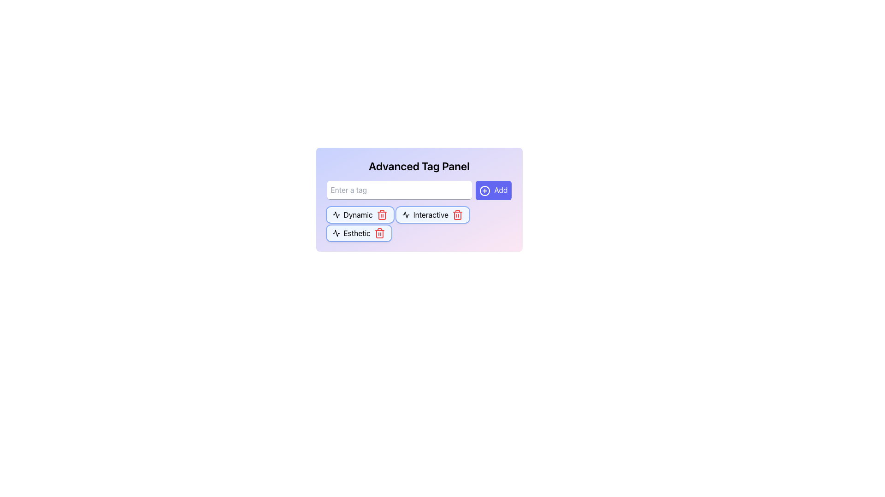 The width and height of the screenshot is (885, 497). Describe the element at coordinates (430, 214) in the screenshot. I see `label of the second tag in the 'Advanced Tag Panel', which is positioned to the right of the 'Dynamic' tag and to the left of the delete button` at that location.